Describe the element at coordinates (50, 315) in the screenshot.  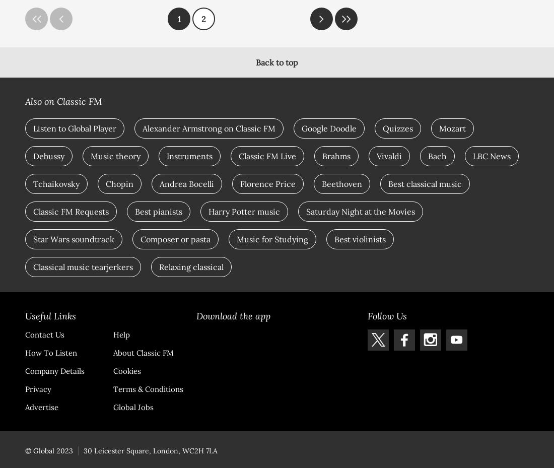
I see `'Useful Links'` at that location.